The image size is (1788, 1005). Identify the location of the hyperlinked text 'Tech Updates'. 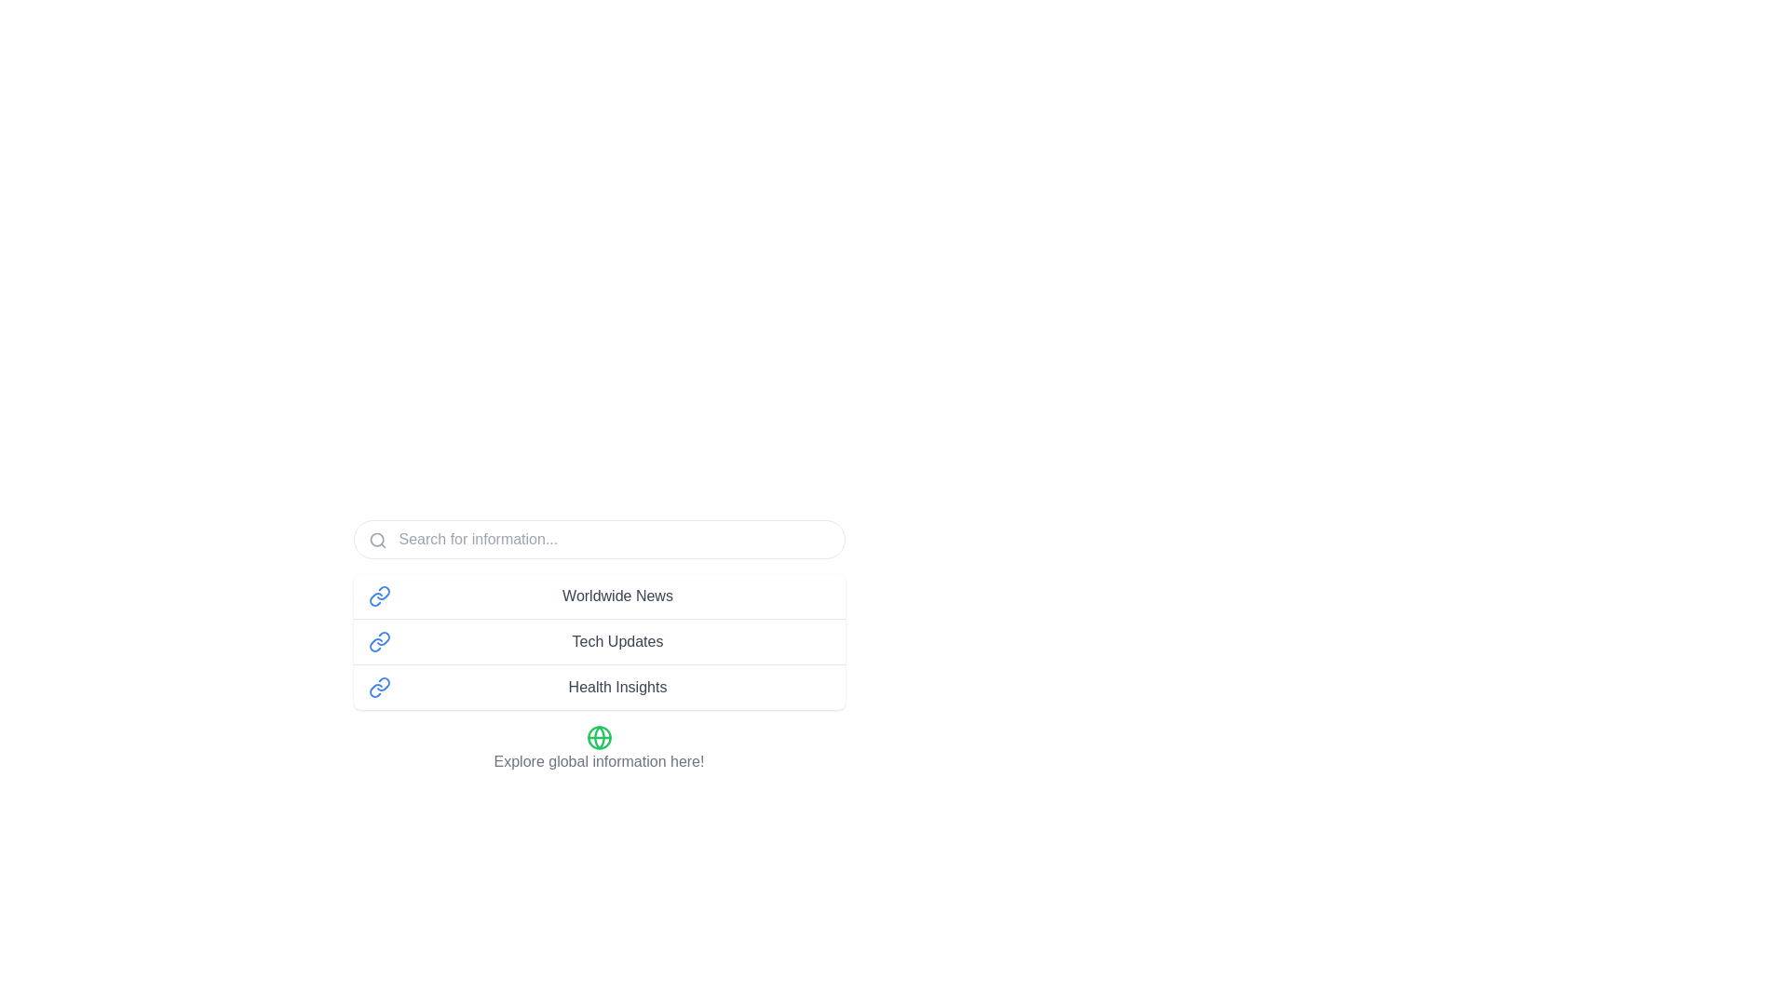
(617, 641).